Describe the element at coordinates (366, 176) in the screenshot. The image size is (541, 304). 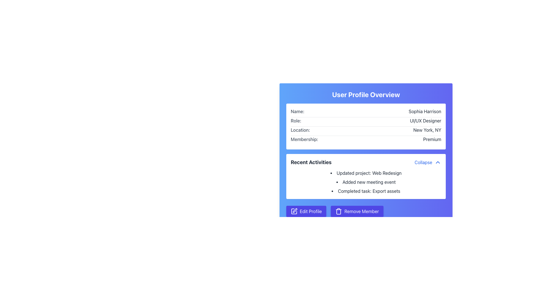
I see `the collapsible section component titled 'Recent Activities' to check for highlighting` at that location.